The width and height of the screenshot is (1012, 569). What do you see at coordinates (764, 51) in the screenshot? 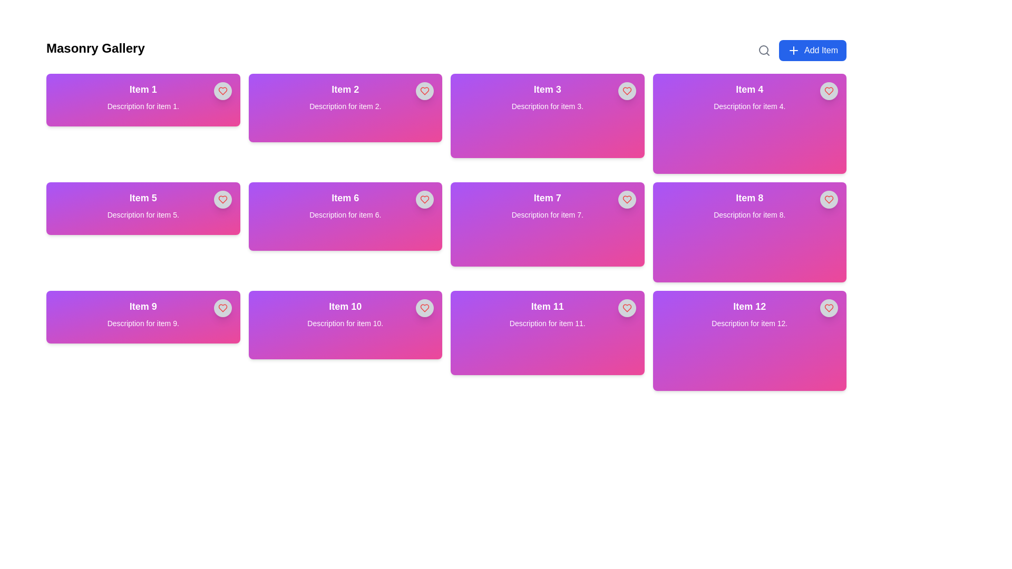
I see `the magnifying glass icon located near the top-right of the interface to initiate a search` at bounding box center [764, 51].